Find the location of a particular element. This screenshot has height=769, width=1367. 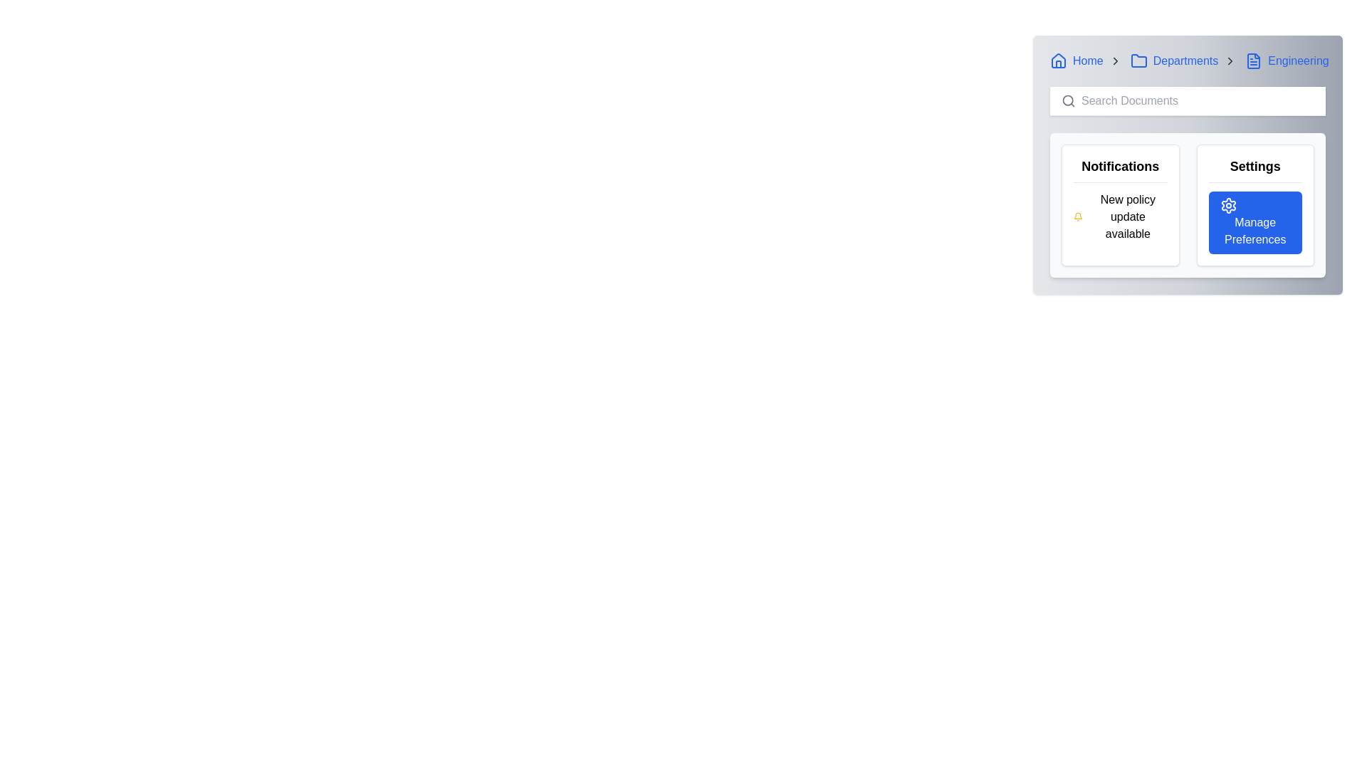

the document-like blue icon at the end of the breadcrumb navigation bar is located at coordinates (1254, 60).